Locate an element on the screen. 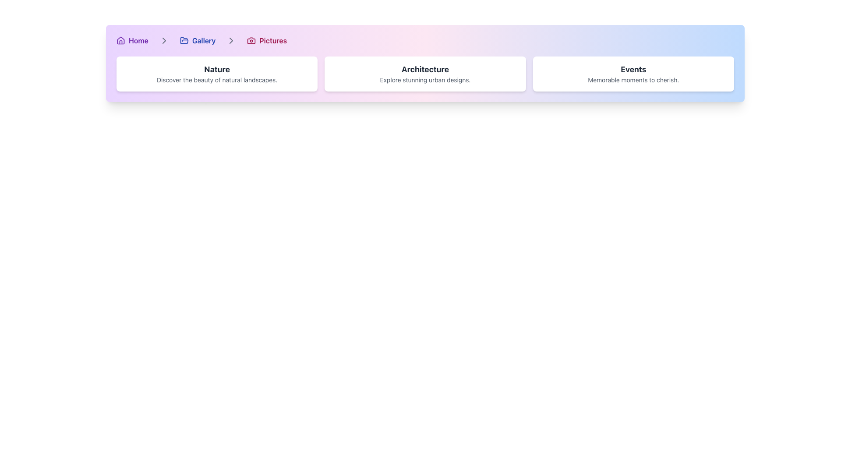 The image size is (841, 473). the small house-shaped purple icon located to the left of the 'Home' text in the breadcrumb navigation bar is located at coordinates (120, 40).